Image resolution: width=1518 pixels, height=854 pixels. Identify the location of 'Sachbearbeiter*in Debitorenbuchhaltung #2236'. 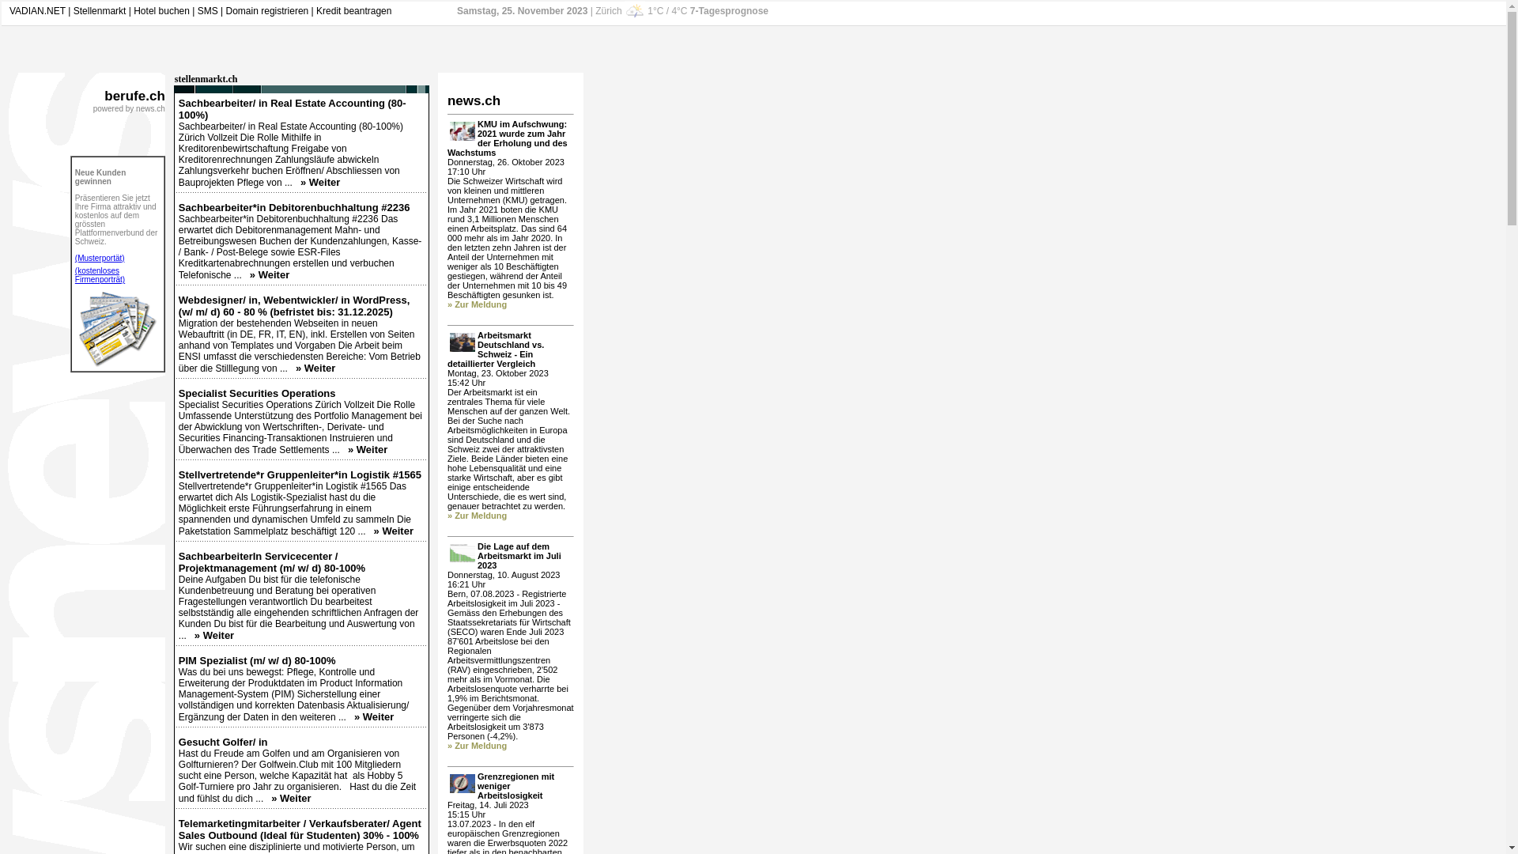
(294, 206).